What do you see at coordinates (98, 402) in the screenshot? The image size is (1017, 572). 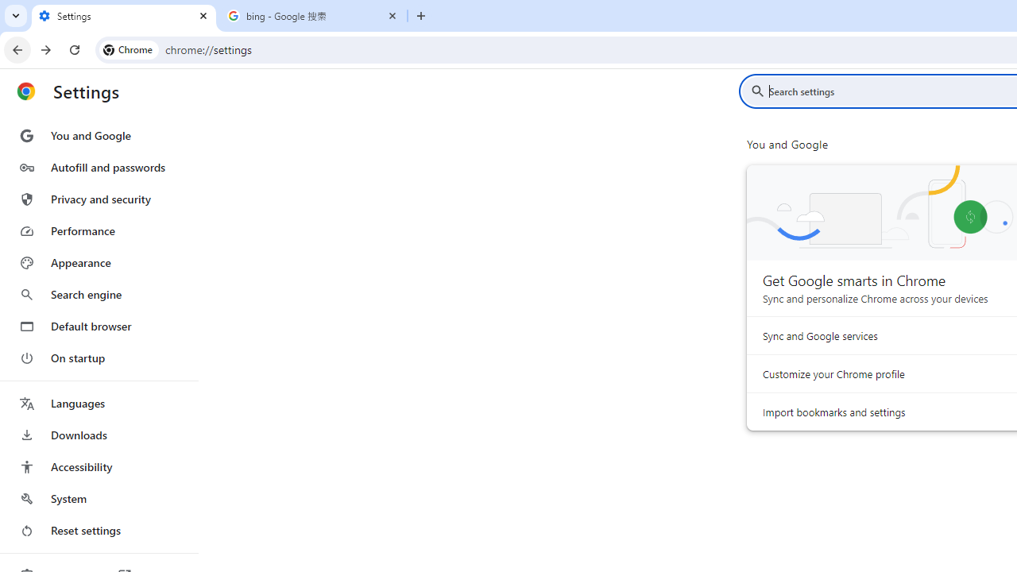 I see `'Languages'` at bounding box center [98, 402].